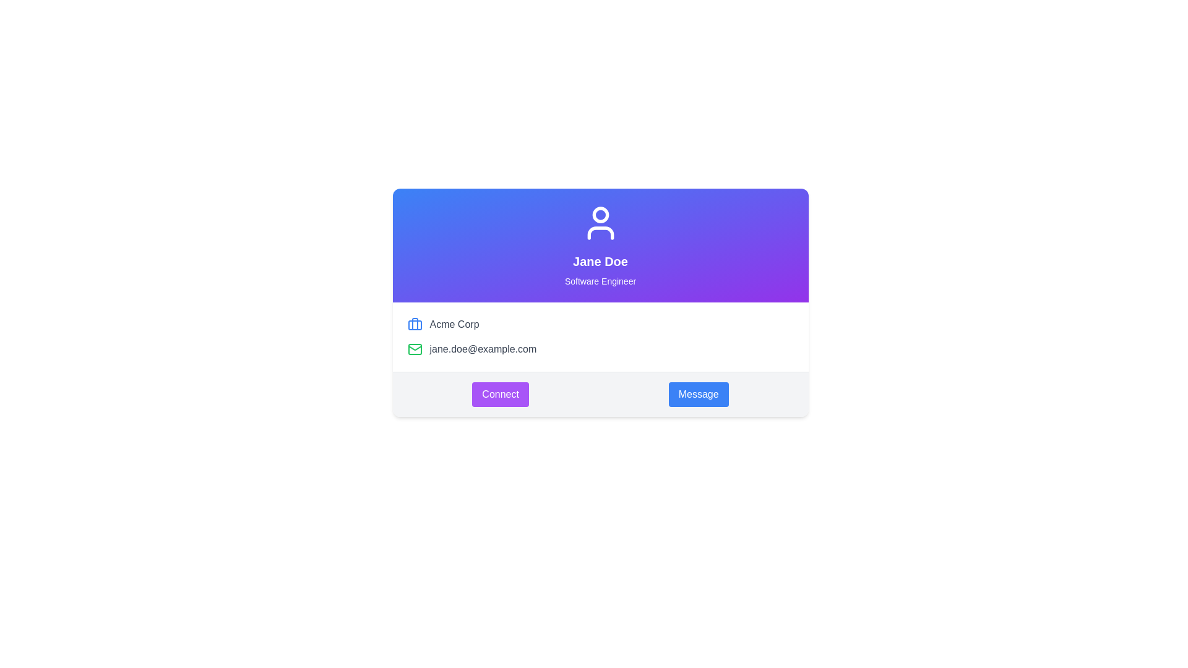 Image resolution: width=1188 pixels, height=668 pixels. What do you see at coordinates (600, 233) in the screenshot?
I see `the torso part of the SVG user icon, located at the bottom area of the avatar, which is centralized in the upper section of the card near the user's name and role` at bounding box center [600, 233].